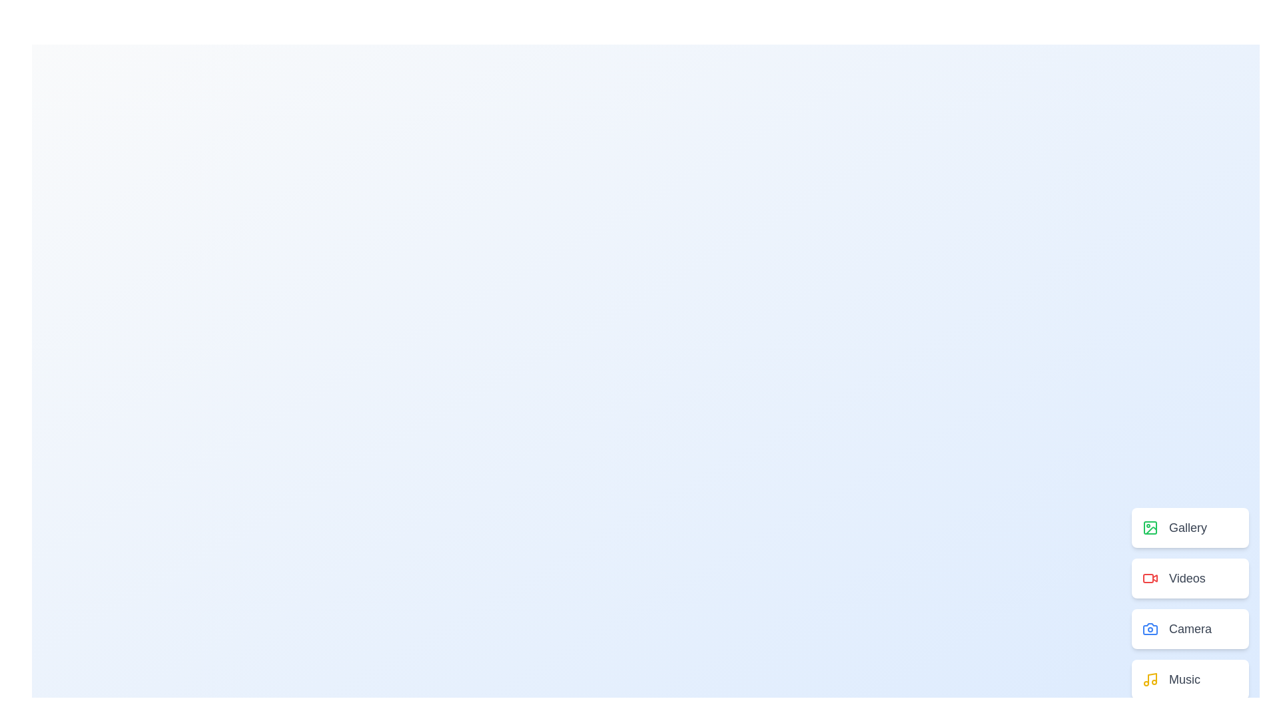 This screenshot has height=719, width=1279. Describe the element at coordinates (1190, 527) in the screenshot. I see `the menu item labeled Gallery` at that location.